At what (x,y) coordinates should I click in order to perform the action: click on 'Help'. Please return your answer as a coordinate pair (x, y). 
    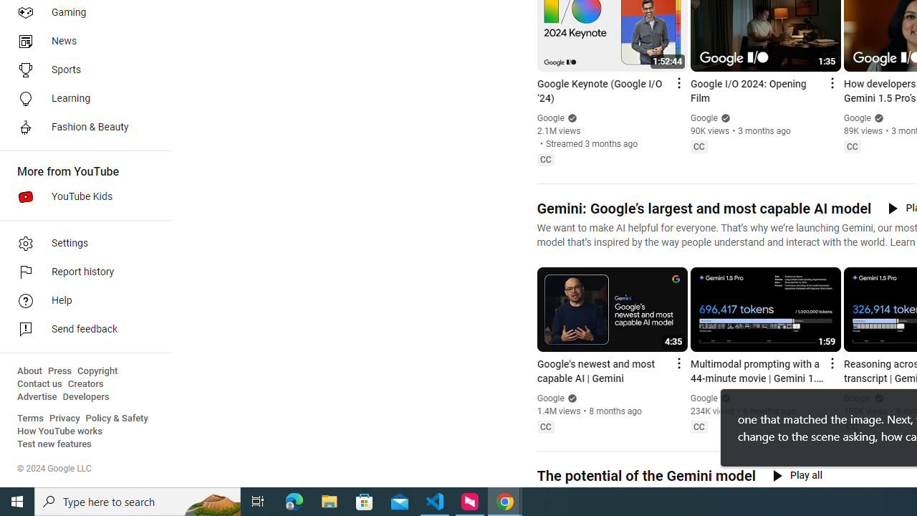
    Looking at the image, I should click on (80, 300).